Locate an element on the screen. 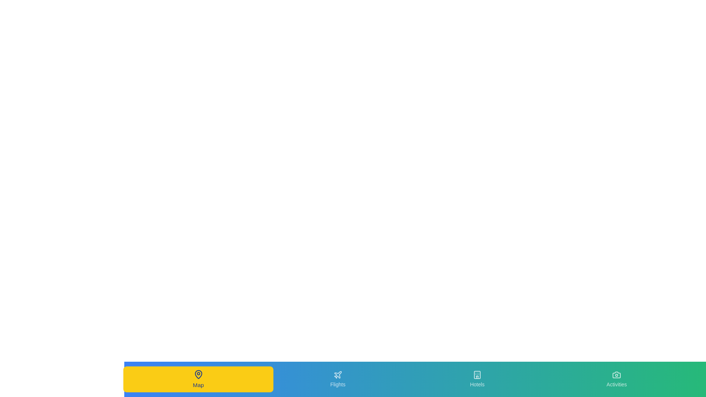  the tab labeled 'Hotels' to preview its hover state is located at coordinates (477, 379).